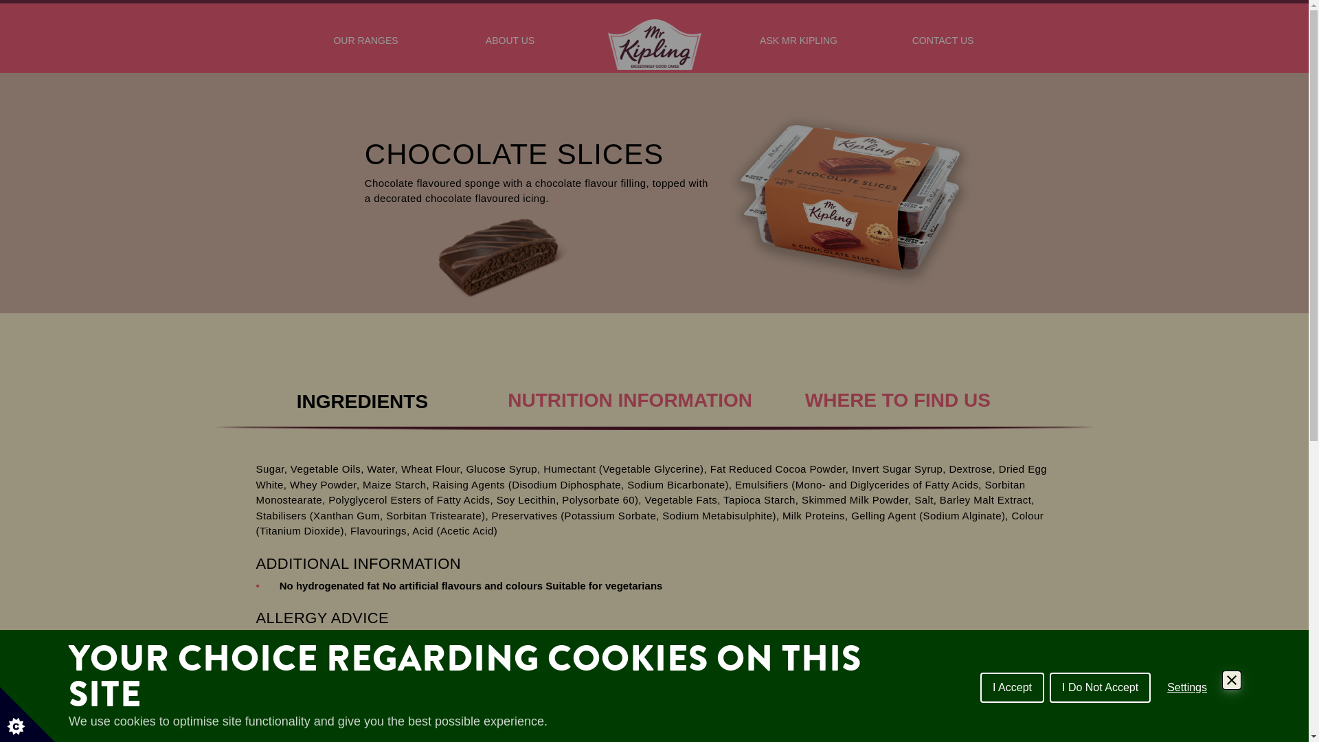 This screenshot has width=1319, height=742. I want to click on 'ABOUT US', so click(510, 47).